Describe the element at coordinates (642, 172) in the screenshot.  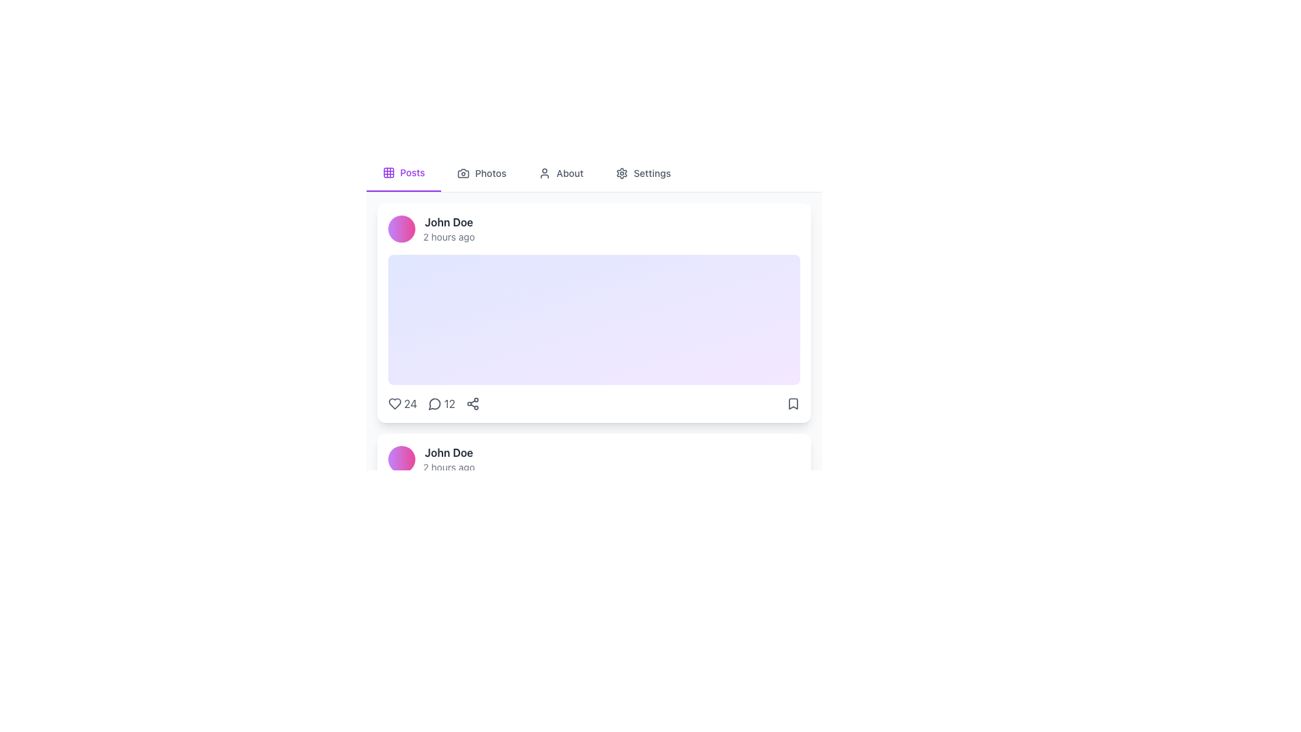
I see `the Interactive navigation button located at the far-right end of the header navigation bar to change its color to purple` at that location.